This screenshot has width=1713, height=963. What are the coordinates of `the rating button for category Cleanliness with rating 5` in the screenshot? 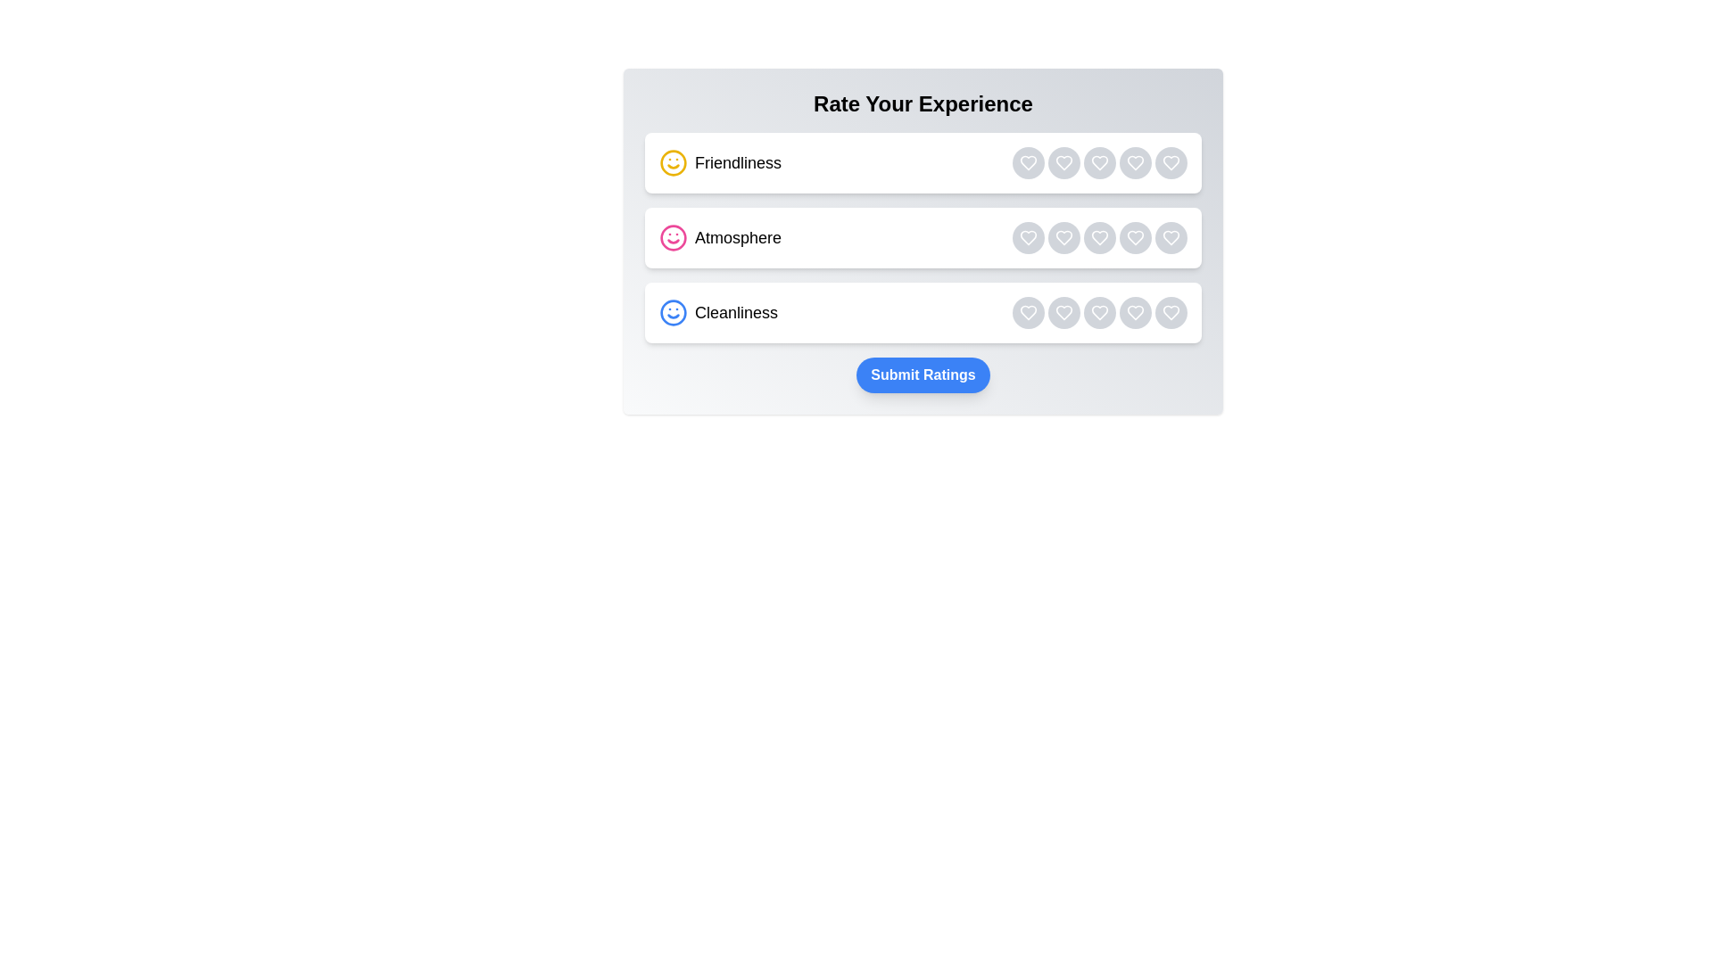 It's located at (1171, 312).